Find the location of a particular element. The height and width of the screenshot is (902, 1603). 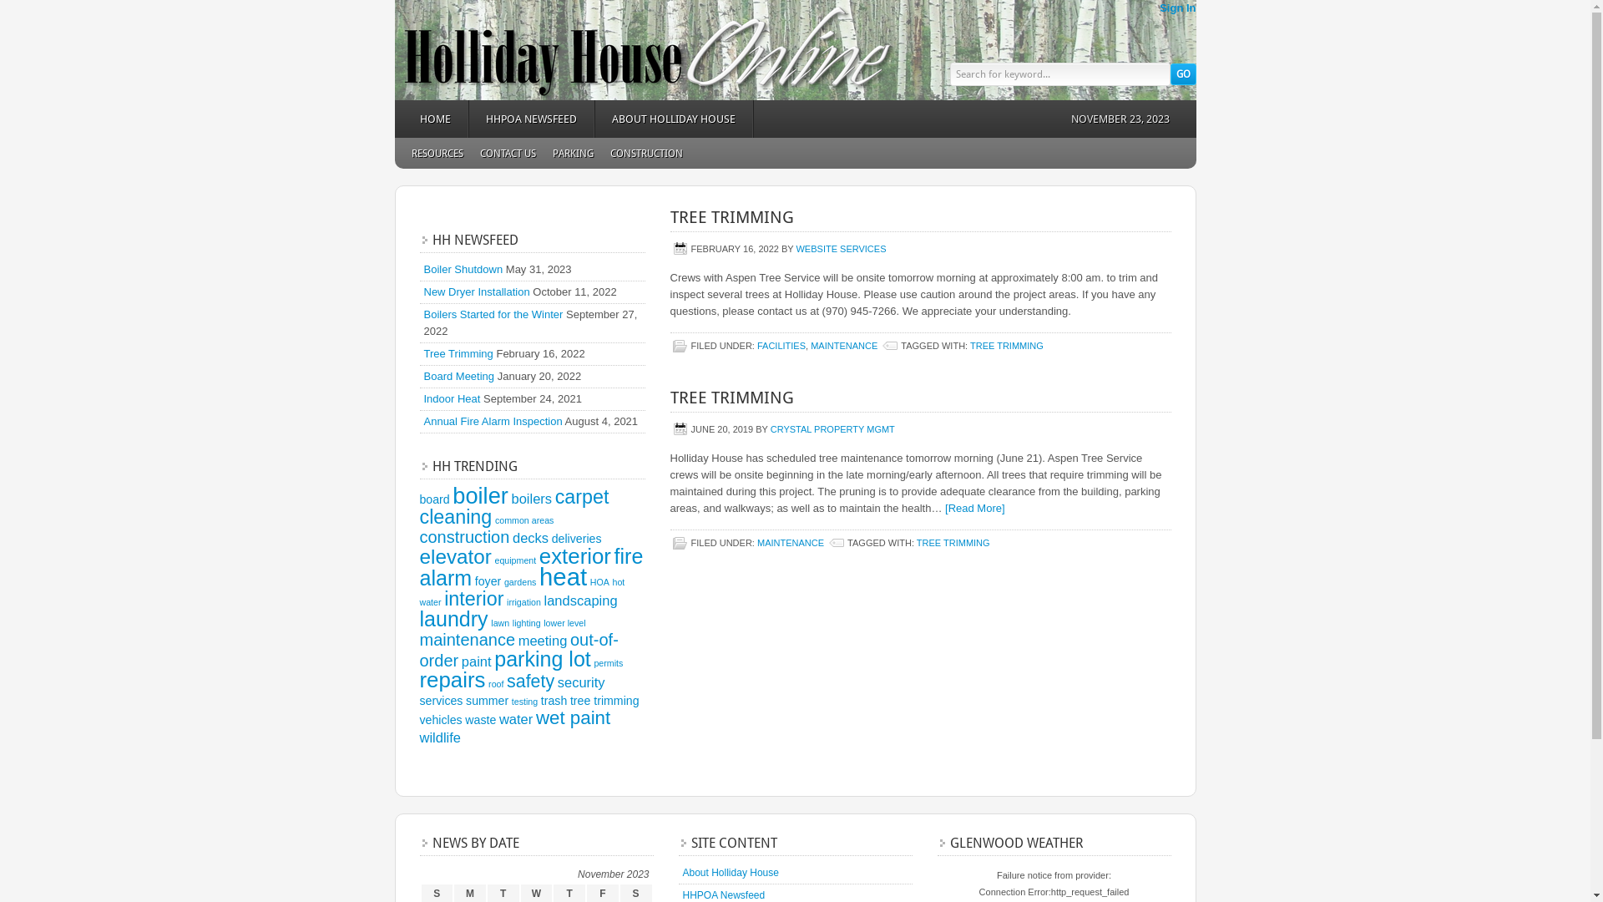

'wildlife' is located at coordinates (440, 737).